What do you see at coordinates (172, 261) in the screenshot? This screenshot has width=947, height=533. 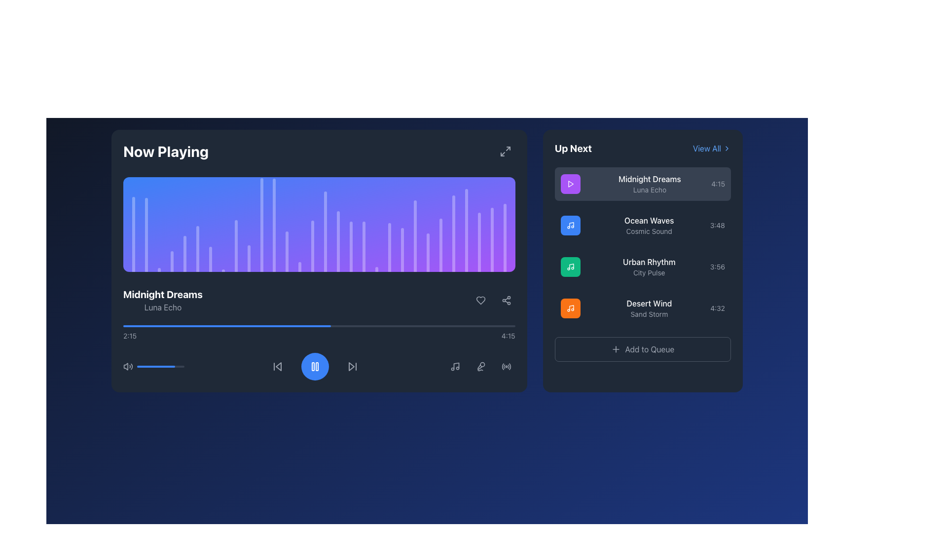 I see `the fourth narrow vertical bar of the graphical waveform segment in the 'Now Playing' section, which visually represents a portion of the audio waveform` at bounding box center [172, 261].